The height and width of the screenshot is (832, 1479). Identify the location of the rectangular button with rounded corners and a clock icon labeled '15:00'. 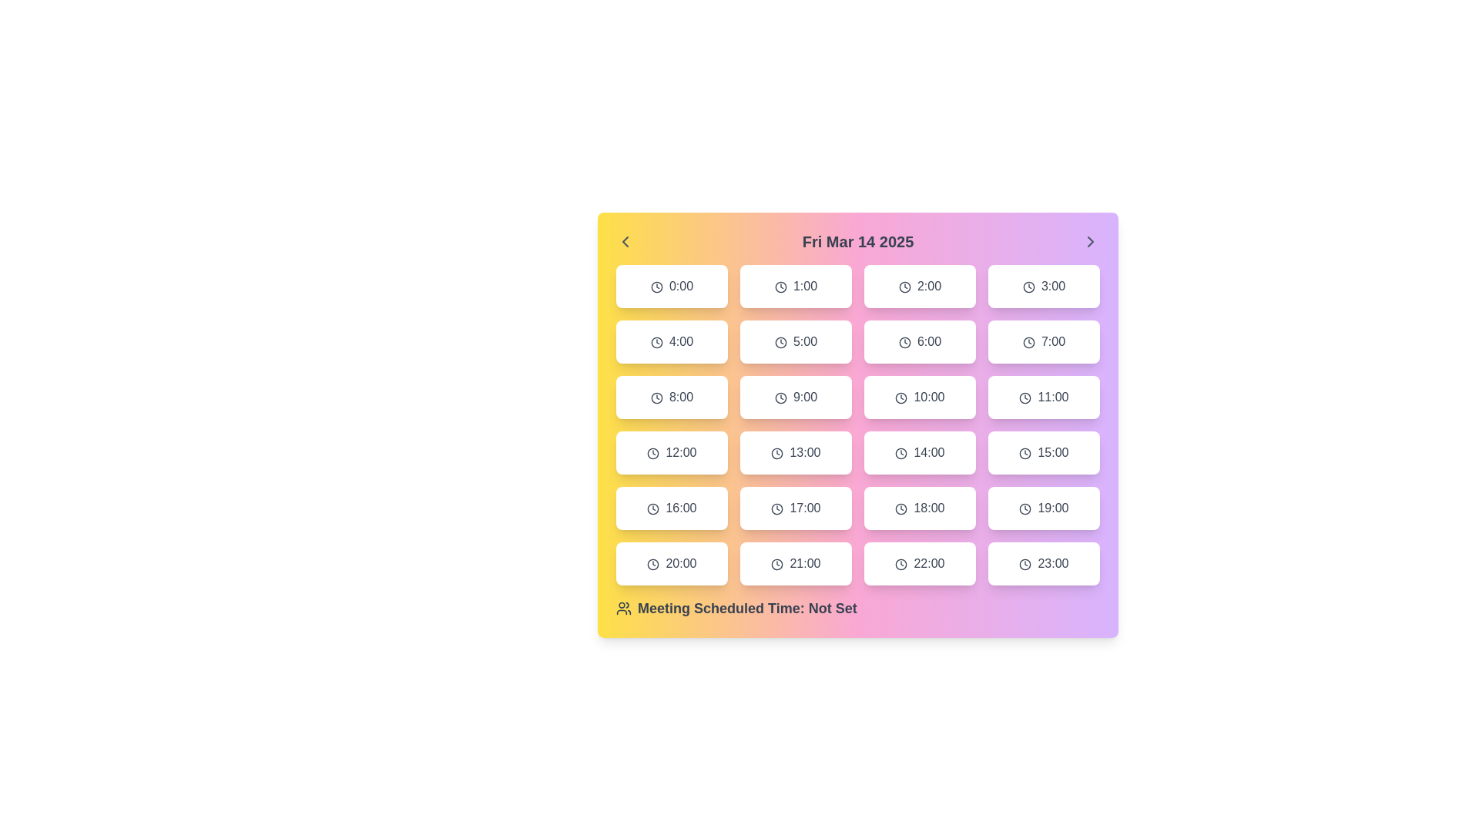
(1044, 451).